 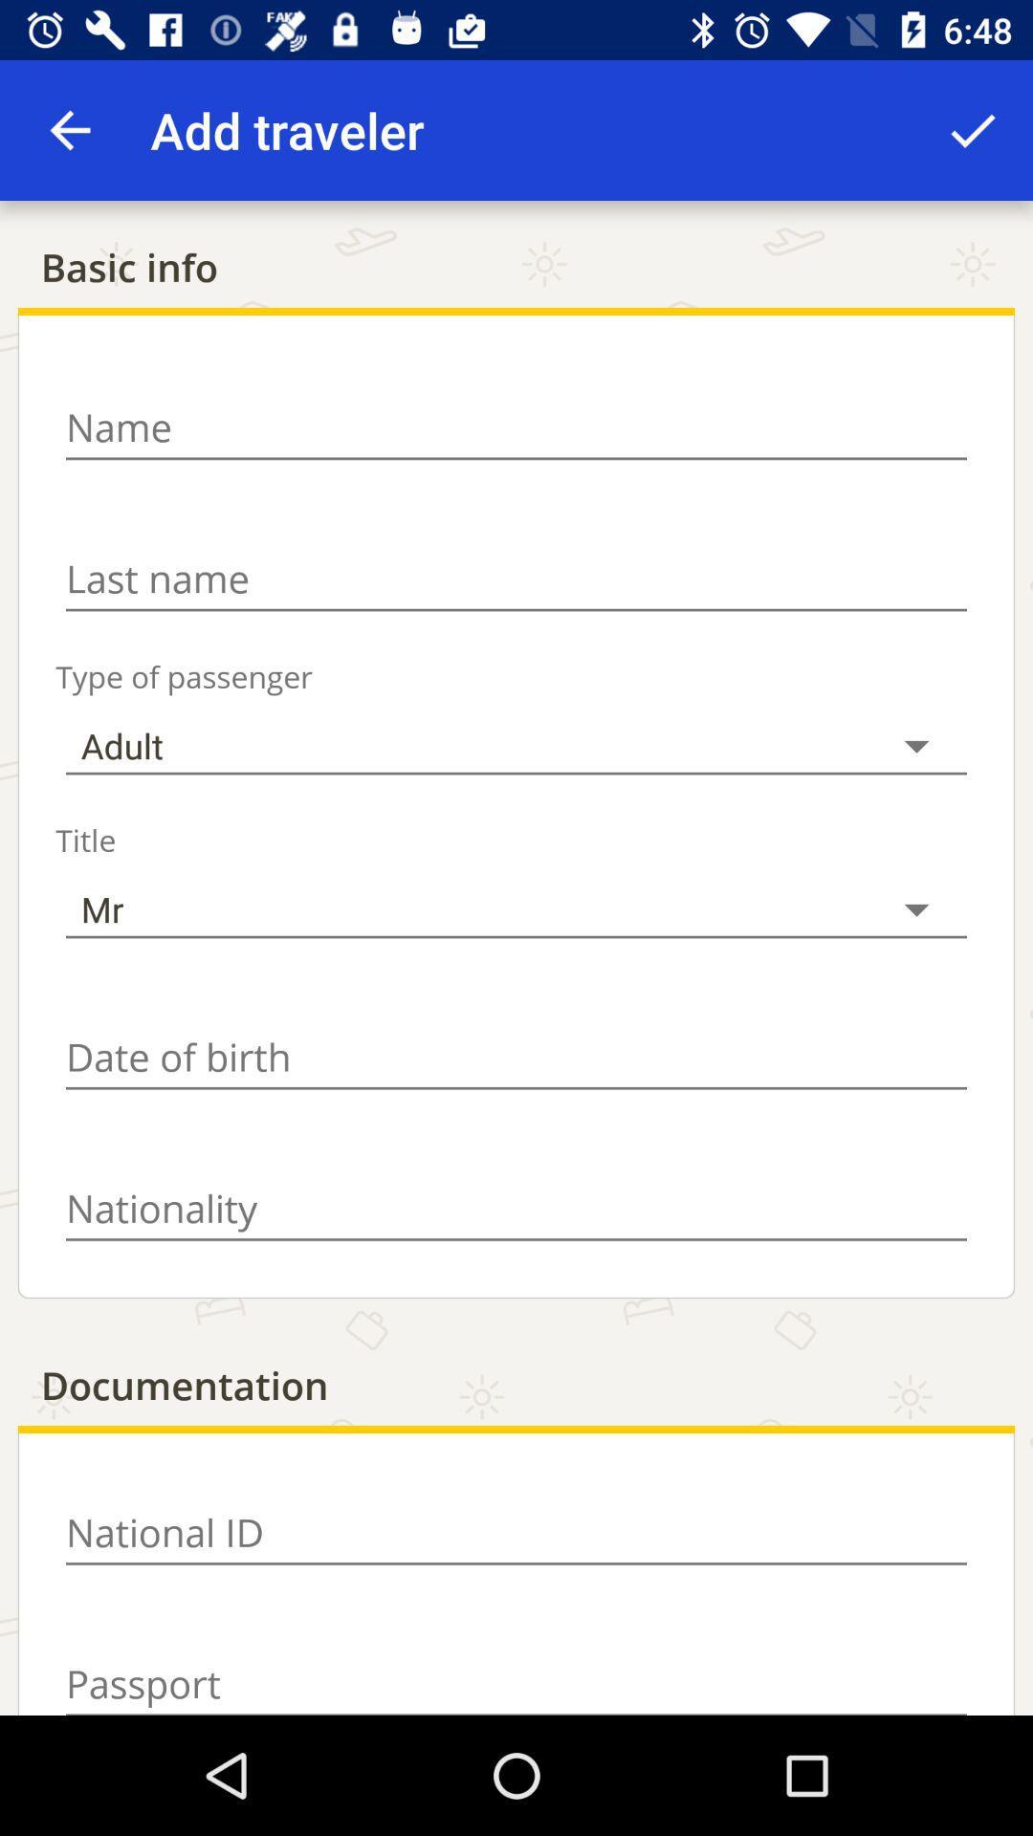 I want to click on nationality, so click(x=516, y=1208).